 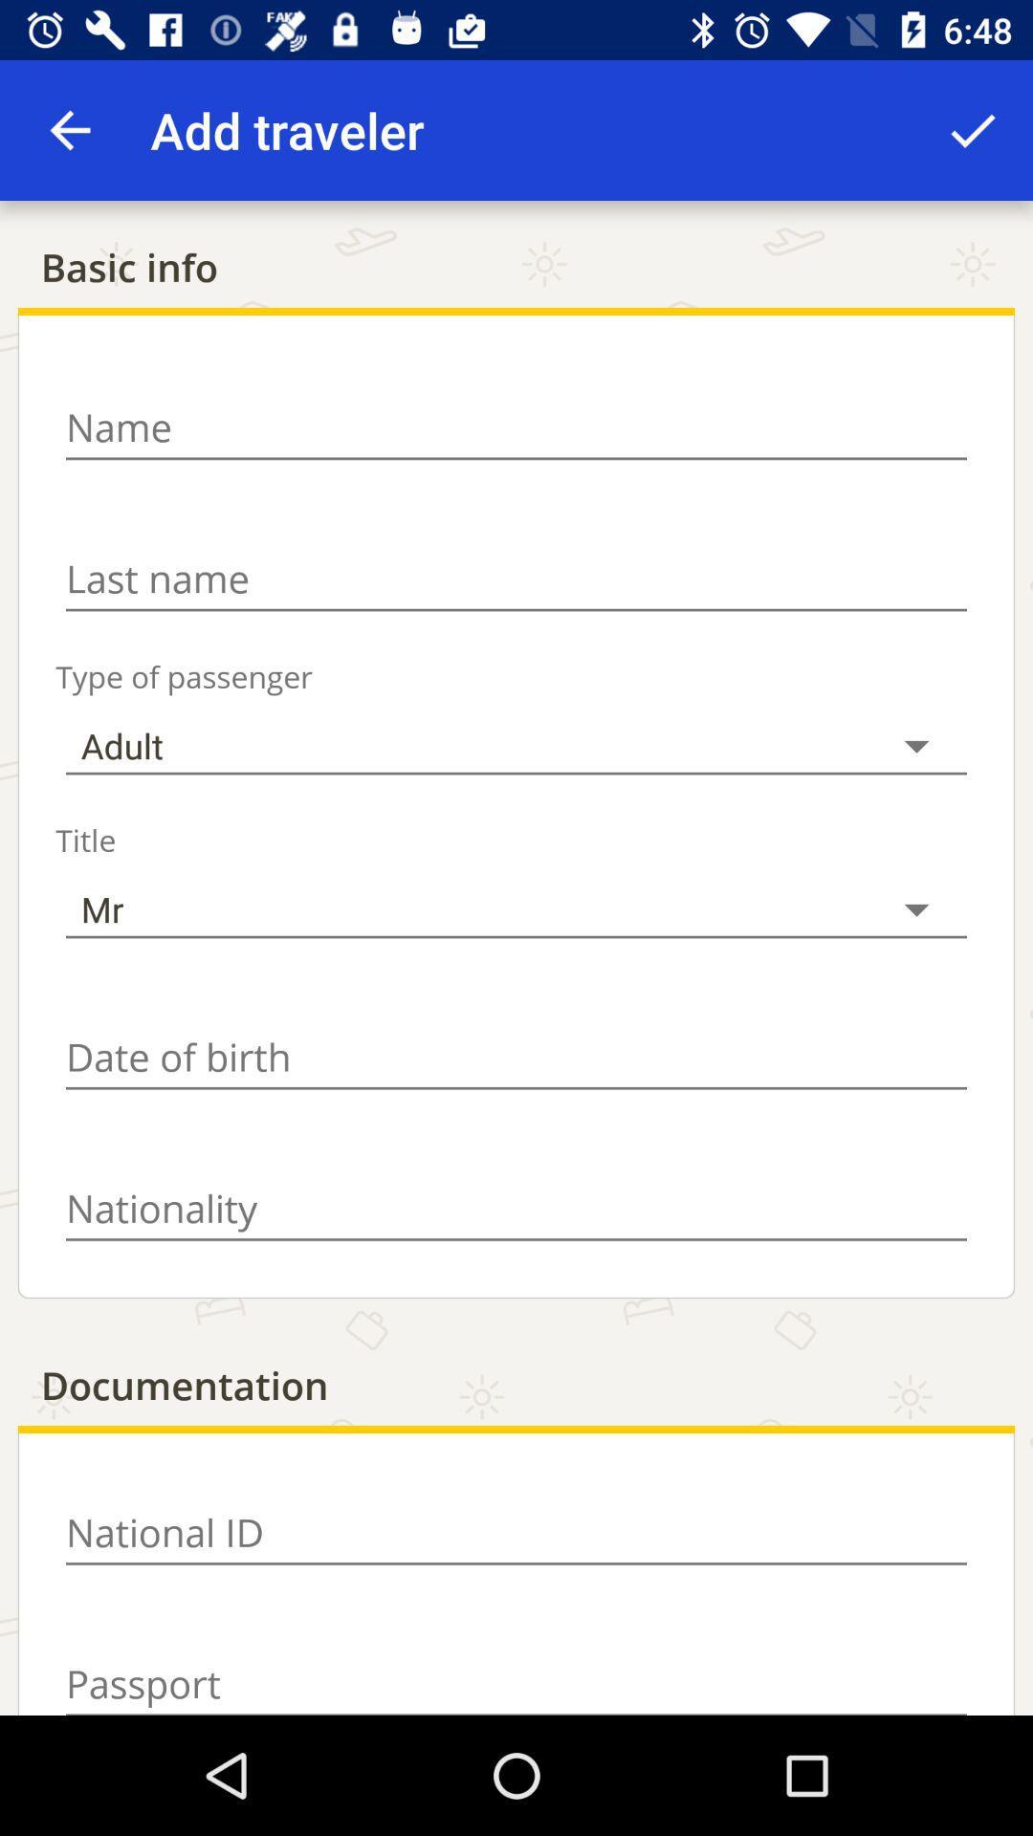 I want to click on nationality, so click(x=516, y=1208).